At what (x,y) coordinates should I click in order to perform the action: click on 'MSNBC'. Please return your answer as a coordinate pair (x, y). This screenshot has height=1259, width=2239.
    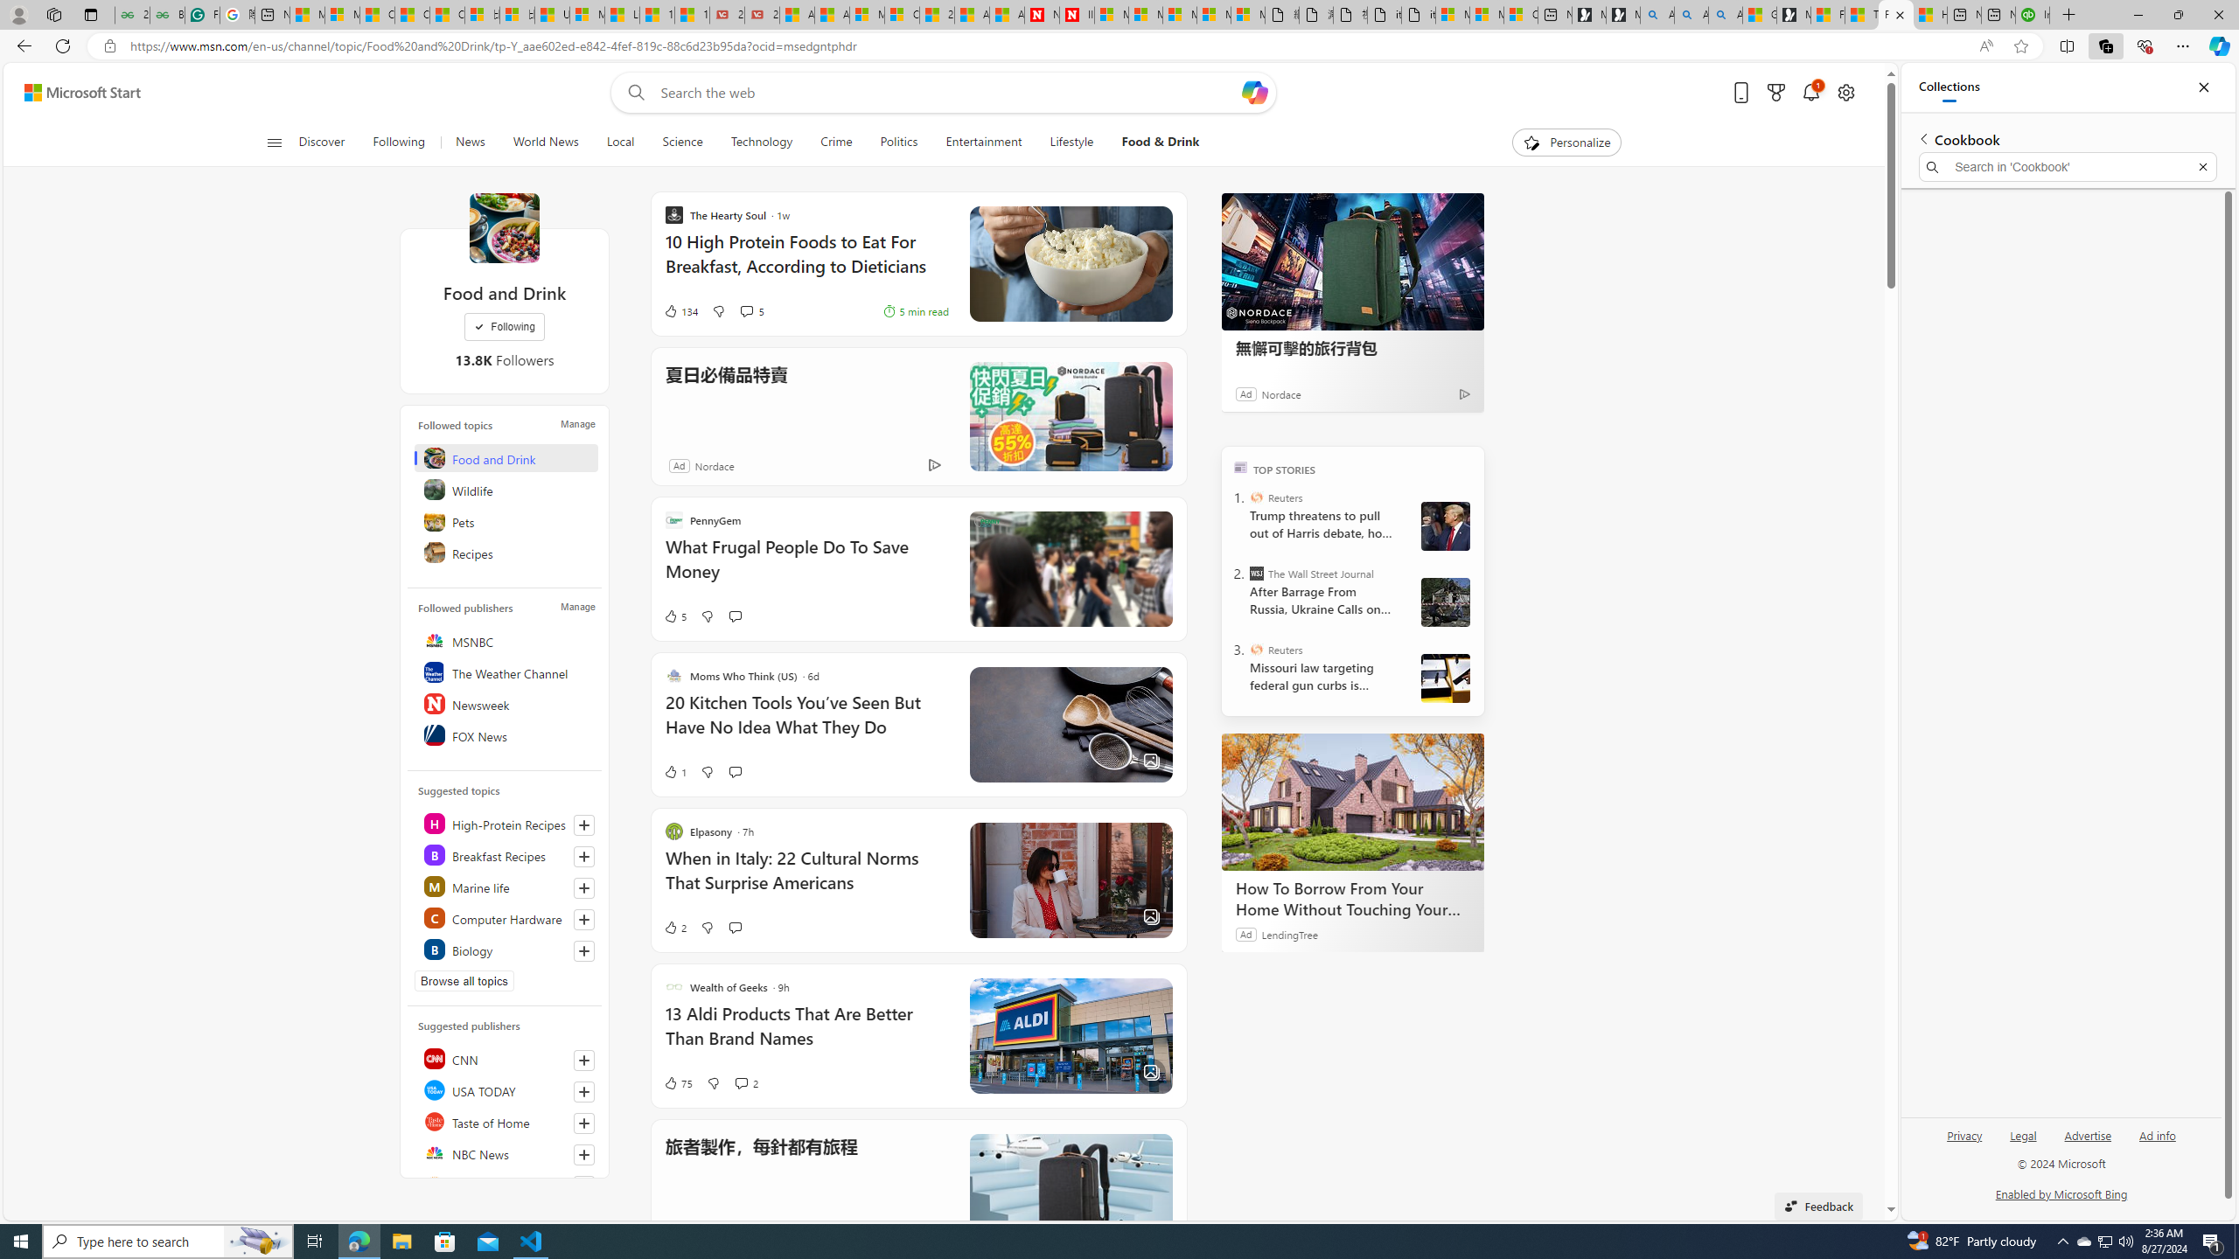
    Looking at the image, I should click on (506, 639).